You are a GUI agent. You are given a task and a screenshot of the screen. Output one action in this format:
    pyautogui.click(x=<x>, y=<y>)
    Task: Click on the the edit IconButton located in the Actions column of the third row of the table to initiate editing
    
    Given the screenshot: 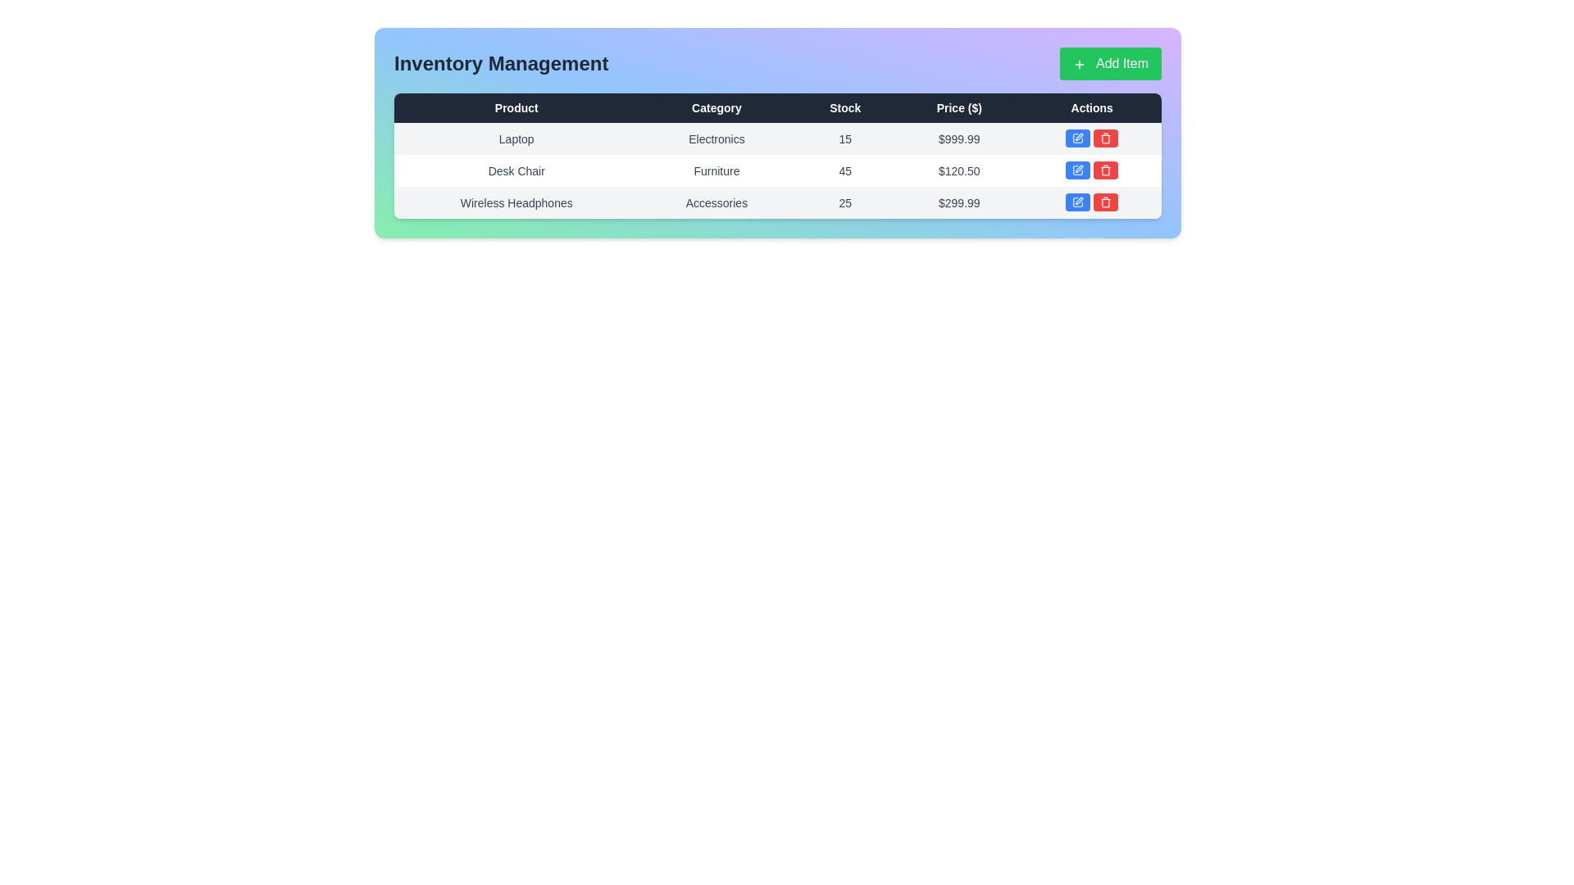 What is the action you would take?
    pyautogui.click(x=1078, y=201)
    